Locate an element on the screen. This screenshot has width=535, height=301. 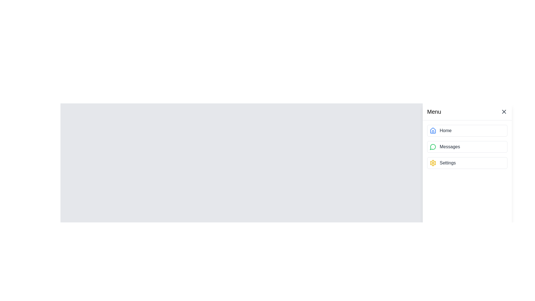
the navigation button located at the top of the menu list is located at coordinates (467, 131).